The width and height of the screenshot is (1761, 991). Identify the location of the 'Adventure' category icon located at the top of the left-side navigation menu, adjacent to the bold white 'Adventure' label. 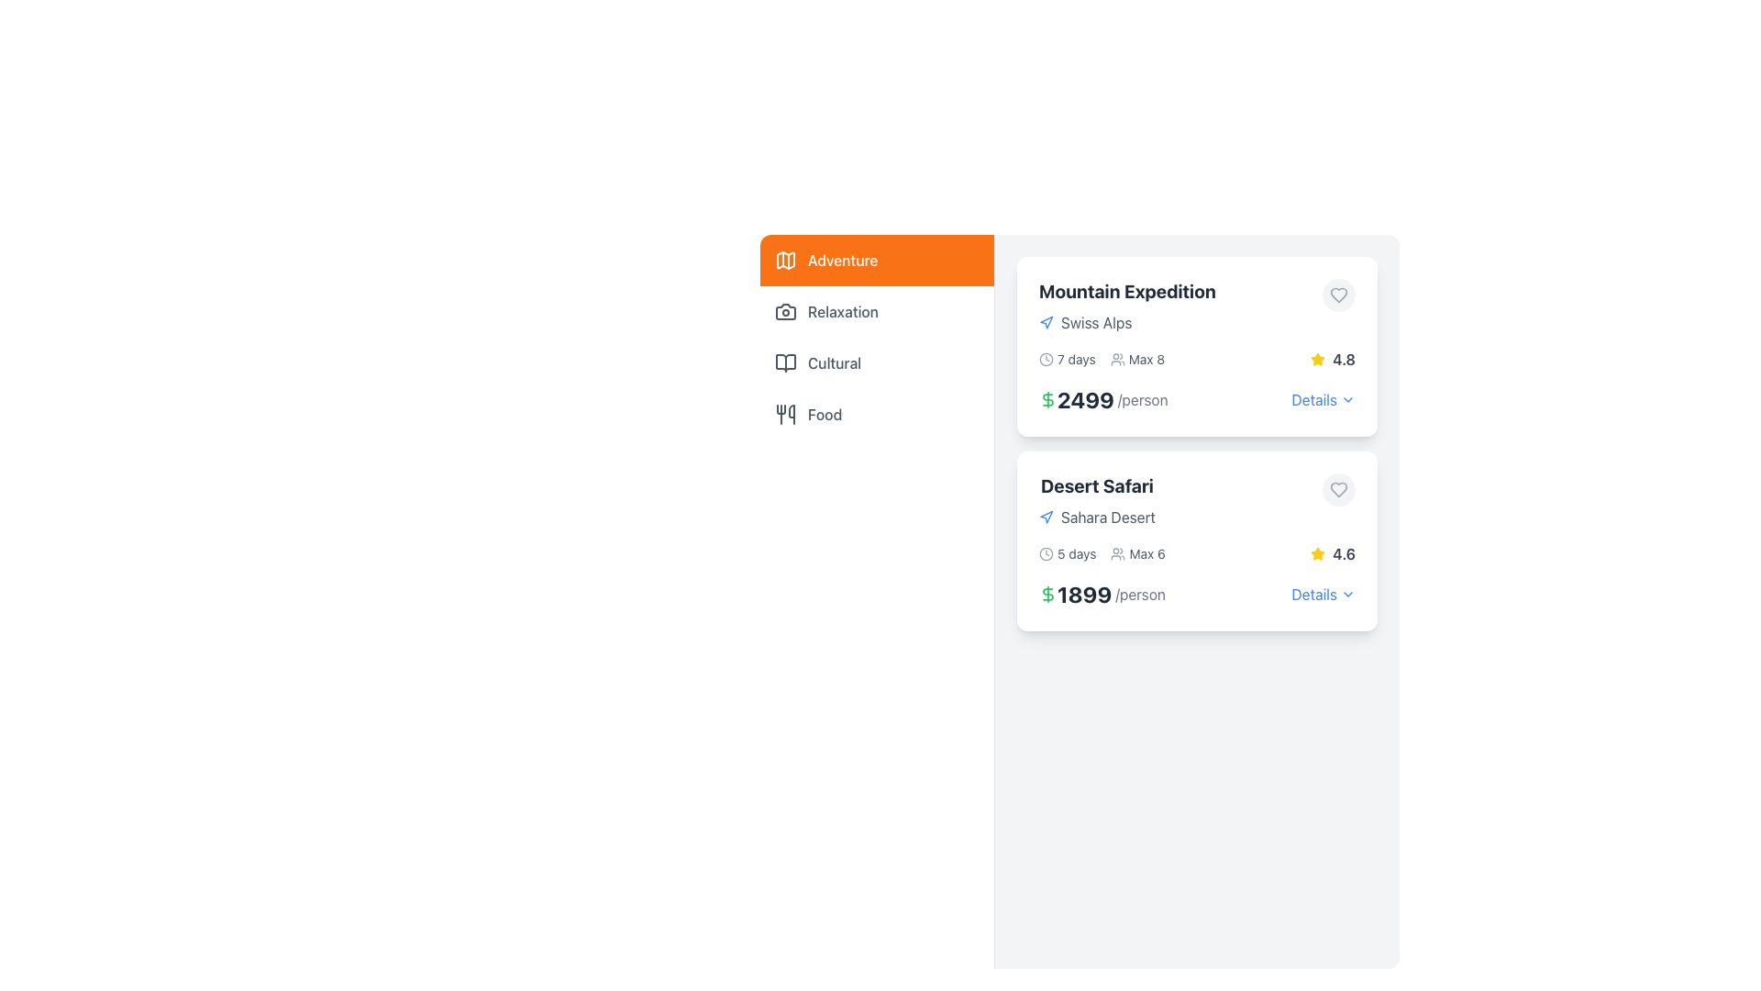
(786, 261).